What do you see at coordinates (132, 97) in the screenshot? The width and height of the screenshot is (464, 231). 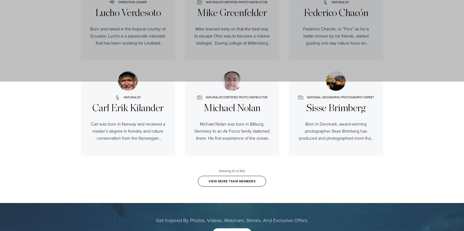 I see `'Naturalist'` at bounding box center [132, 97].